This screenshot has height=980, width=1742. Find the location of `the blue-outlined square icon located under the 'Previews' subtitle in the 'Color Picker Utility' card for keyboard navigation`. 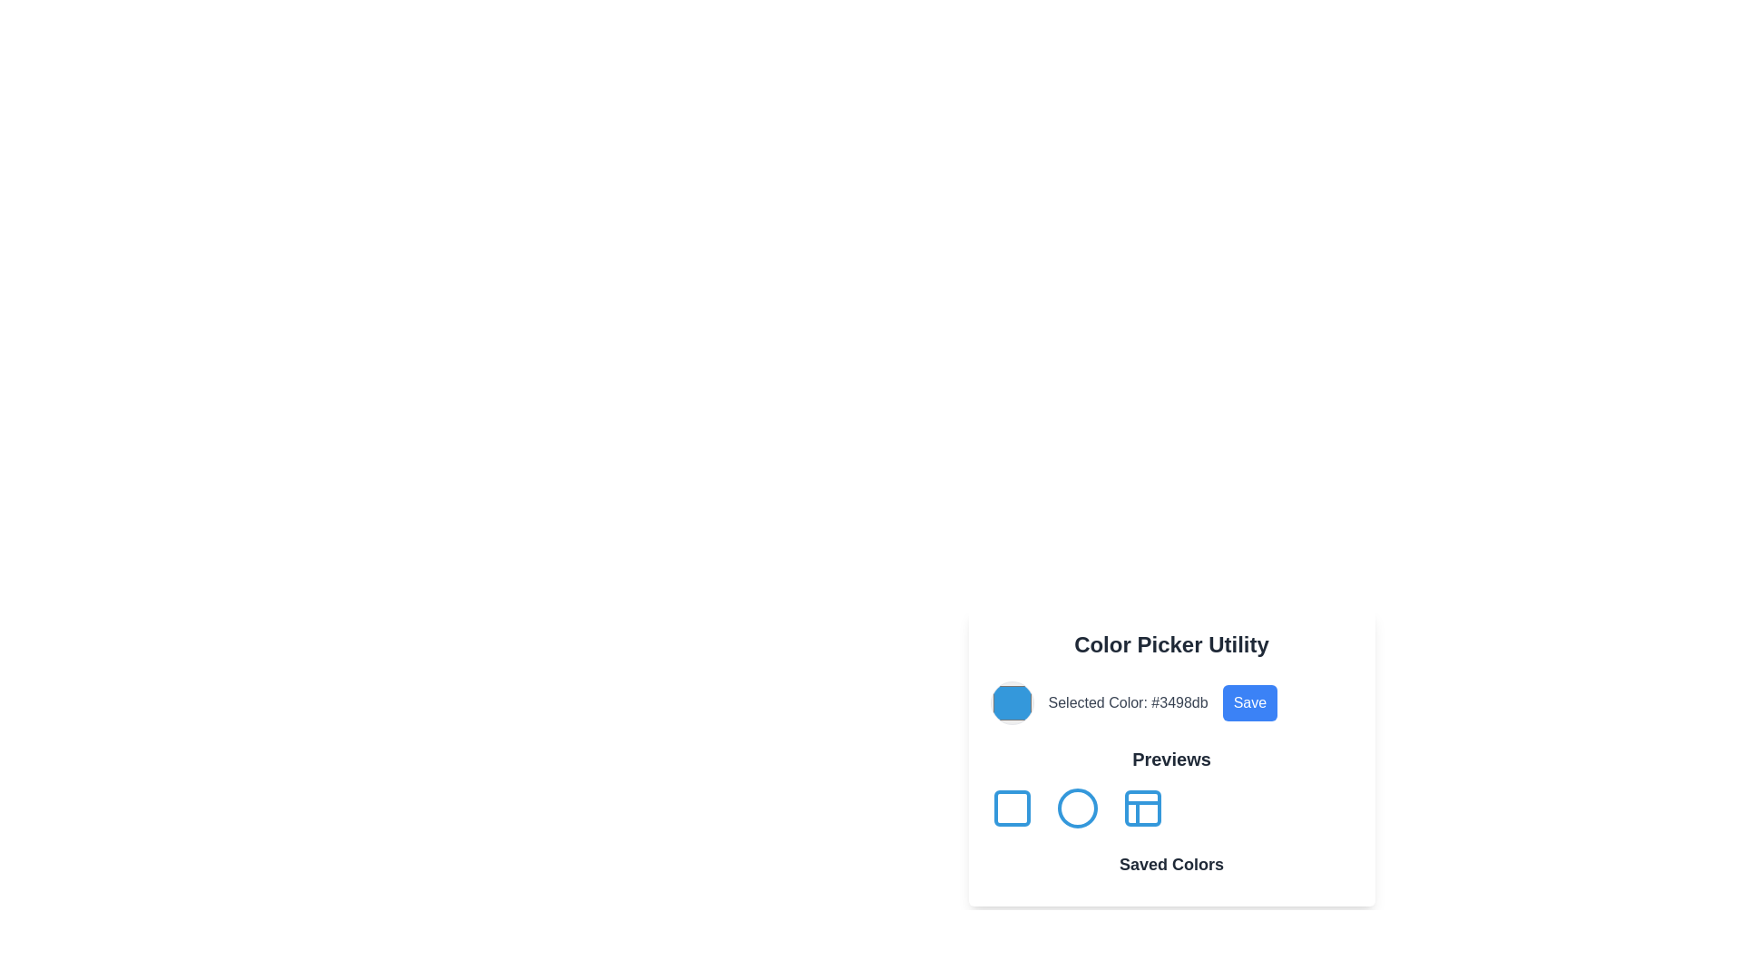

the blue-outlined square icon located under the 'Previews' subtitle in the 'Color Picker Utility' card for keyboard navigation is located at coordinates (1011, 808).